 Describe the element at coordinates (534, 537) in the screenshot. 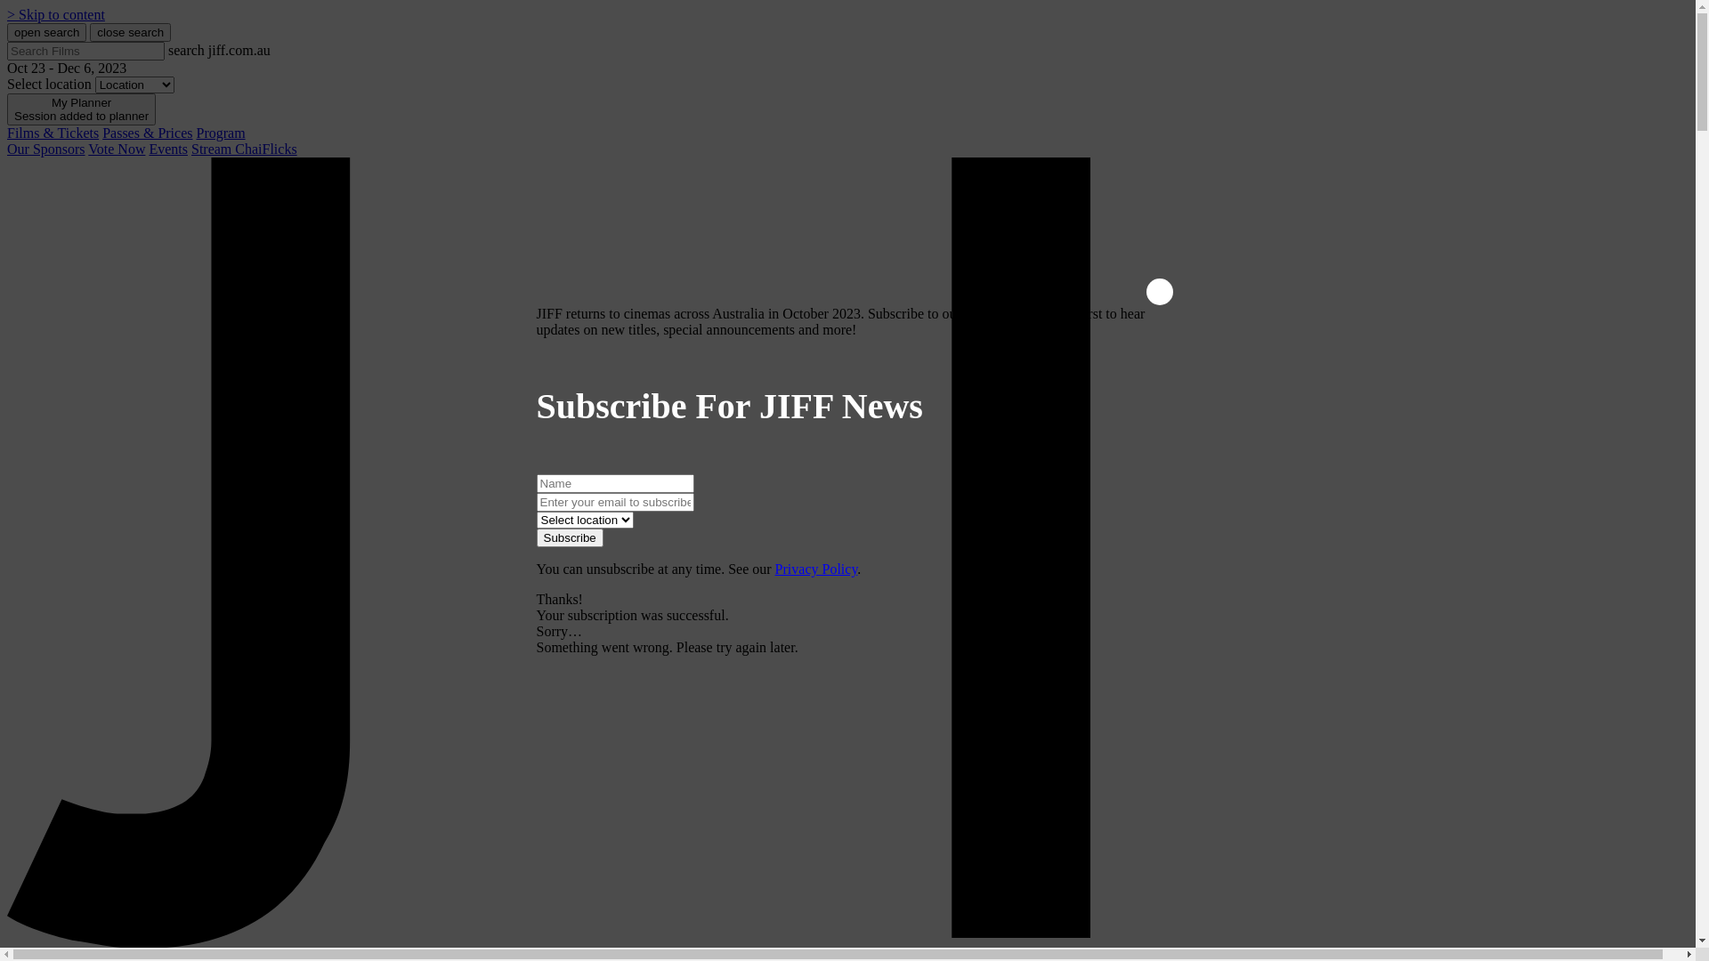

I see `'Subscribe'` at that location.